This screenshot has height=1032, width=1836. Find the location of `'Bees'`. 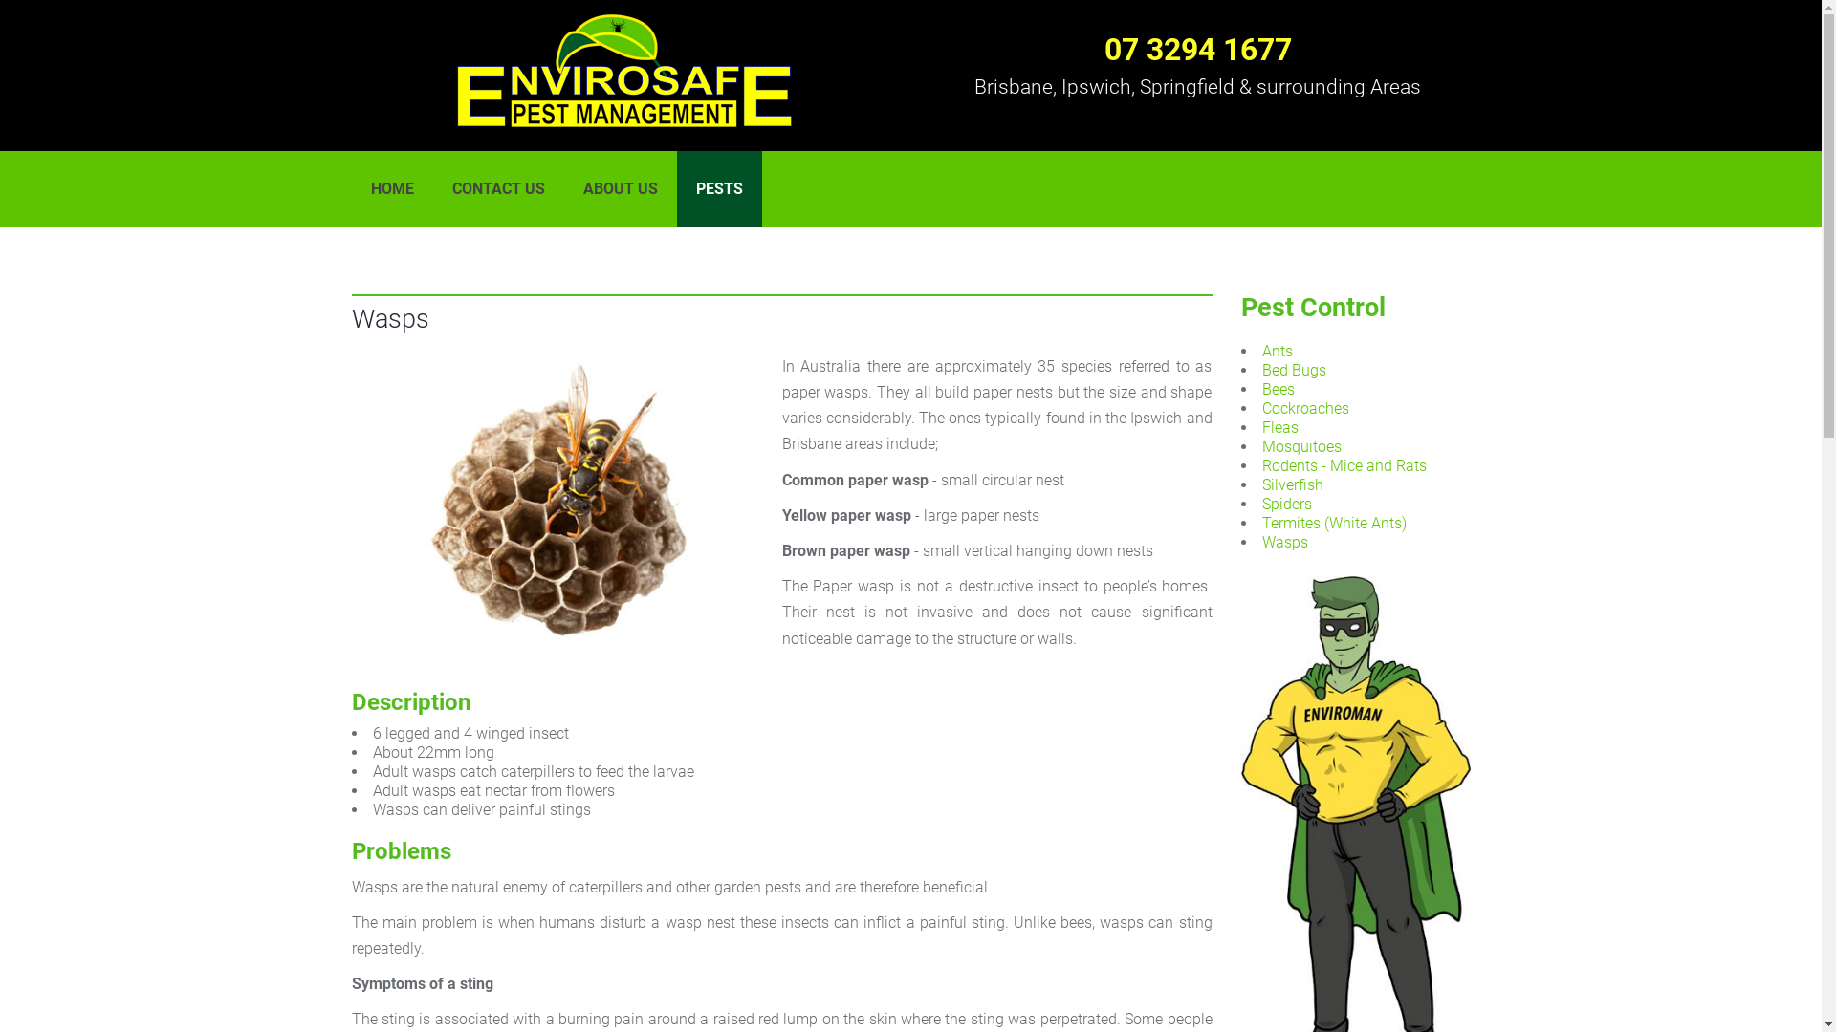

'Bees' is located at coordinates (1279, 388).